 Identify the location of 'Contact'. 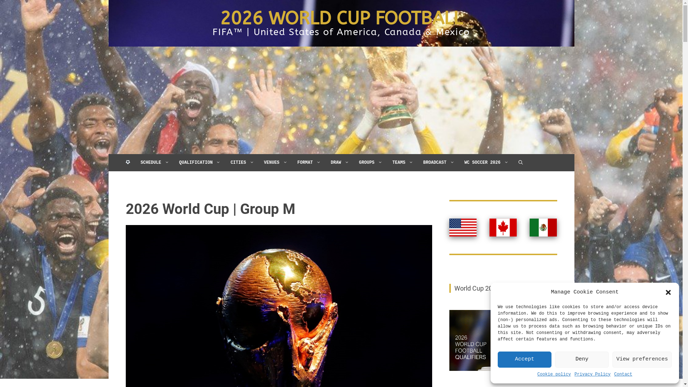
(622, 374).